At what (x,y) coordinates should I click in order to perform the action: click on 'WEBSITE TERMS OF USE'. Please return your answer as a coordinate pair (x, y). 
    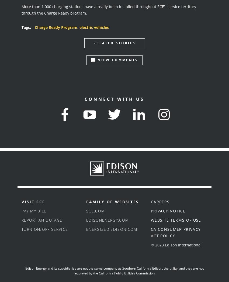
    Looking at the image, I should click on (176, 220).